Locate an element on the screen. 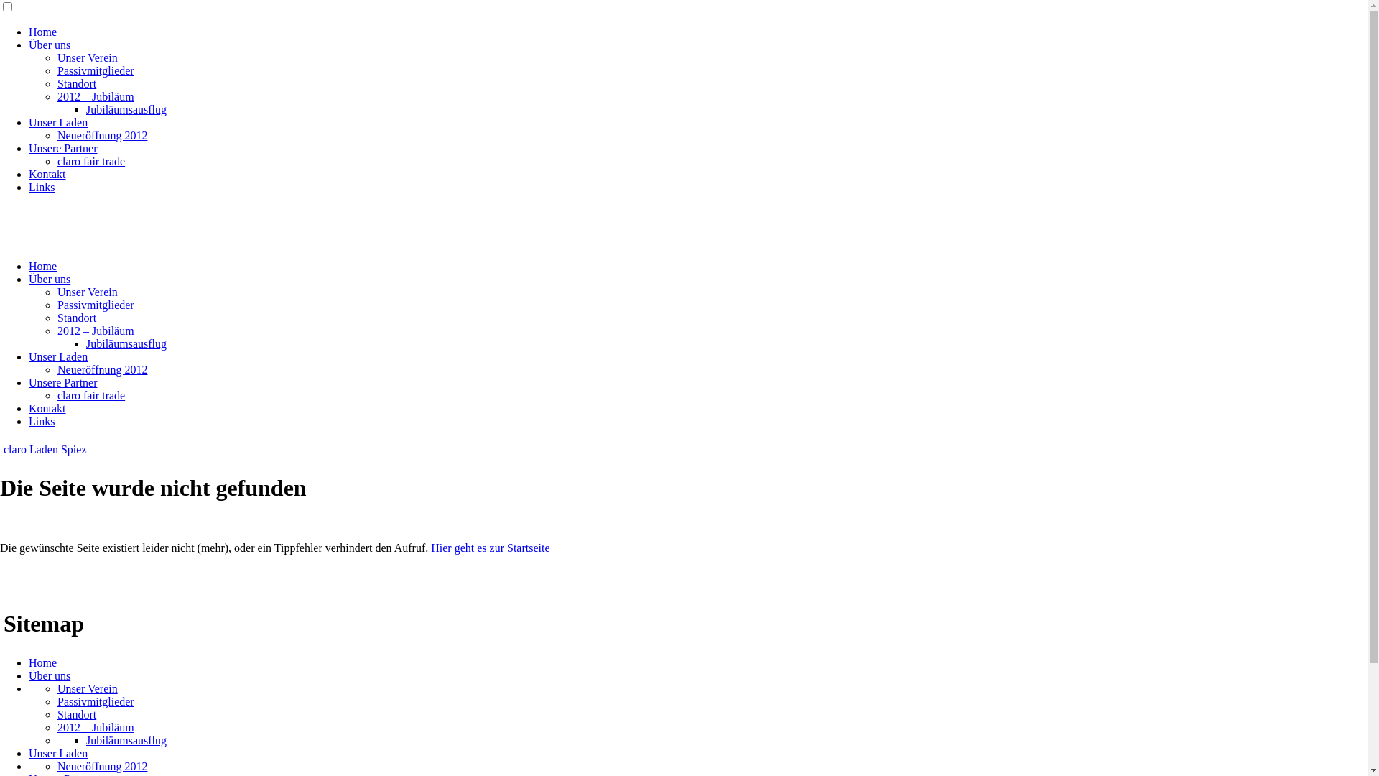 The width and height of the screenshot is (1379, 776). 'Unser Laden' is located at coordinates (57, 356).